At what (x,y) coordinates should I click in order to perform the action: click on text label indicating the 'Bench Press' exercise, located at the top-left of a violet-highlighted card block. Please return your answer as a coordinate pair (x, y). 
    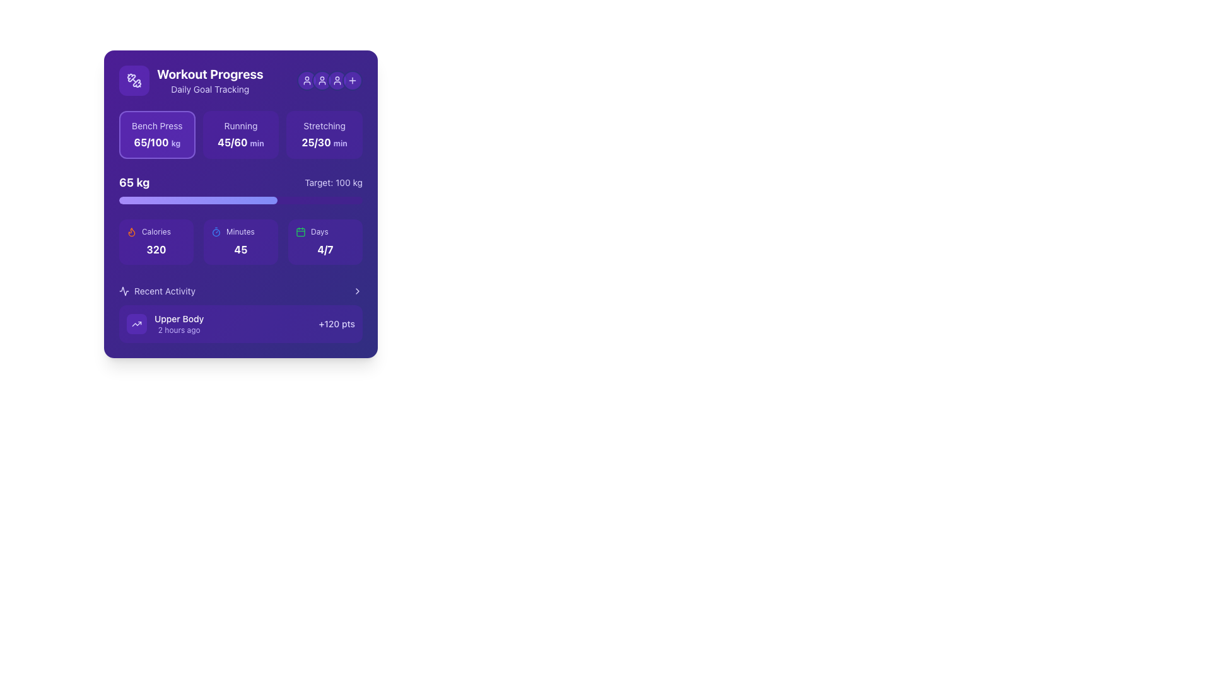
    Looking at the image, I should click on (156, 126).